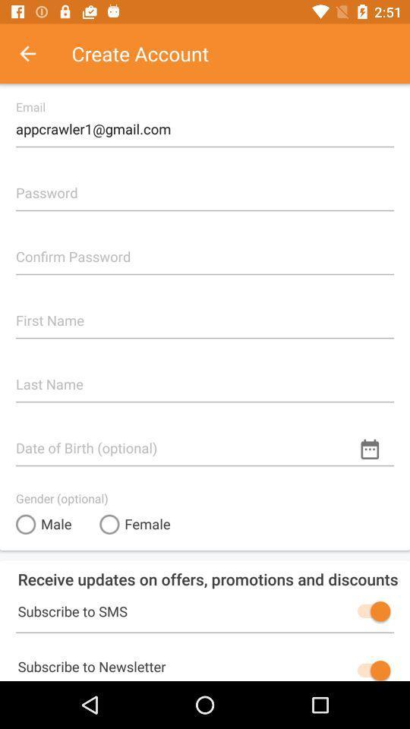  Describe the element at coordinates (134, 524) in the screenshot. I see `item below gender (optional)` at that location.